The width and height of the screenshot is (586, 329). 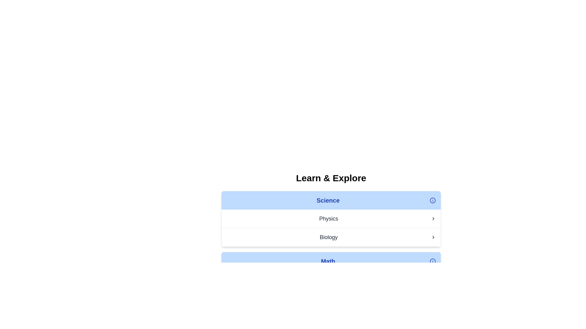 What do you see at coordinates (328, 200) in the screenshot?
I see `the prominent text label that serves as a title or category for navigation, located above the 'Physics' and 'Biology' elements and to the left of the information icon` at bounding box center [328, 200].